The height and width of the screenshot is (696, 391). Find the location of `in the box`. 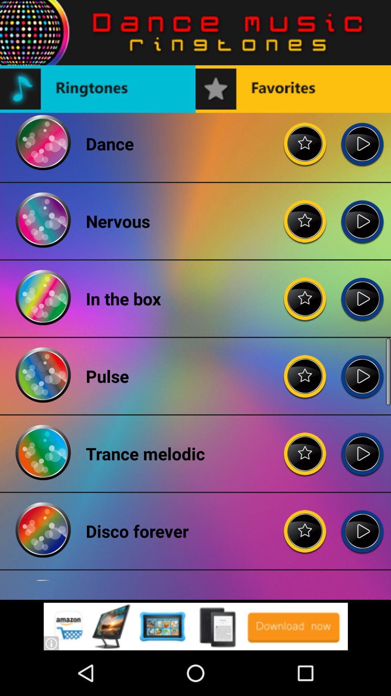

in the box is located at coordinates (362, 293).